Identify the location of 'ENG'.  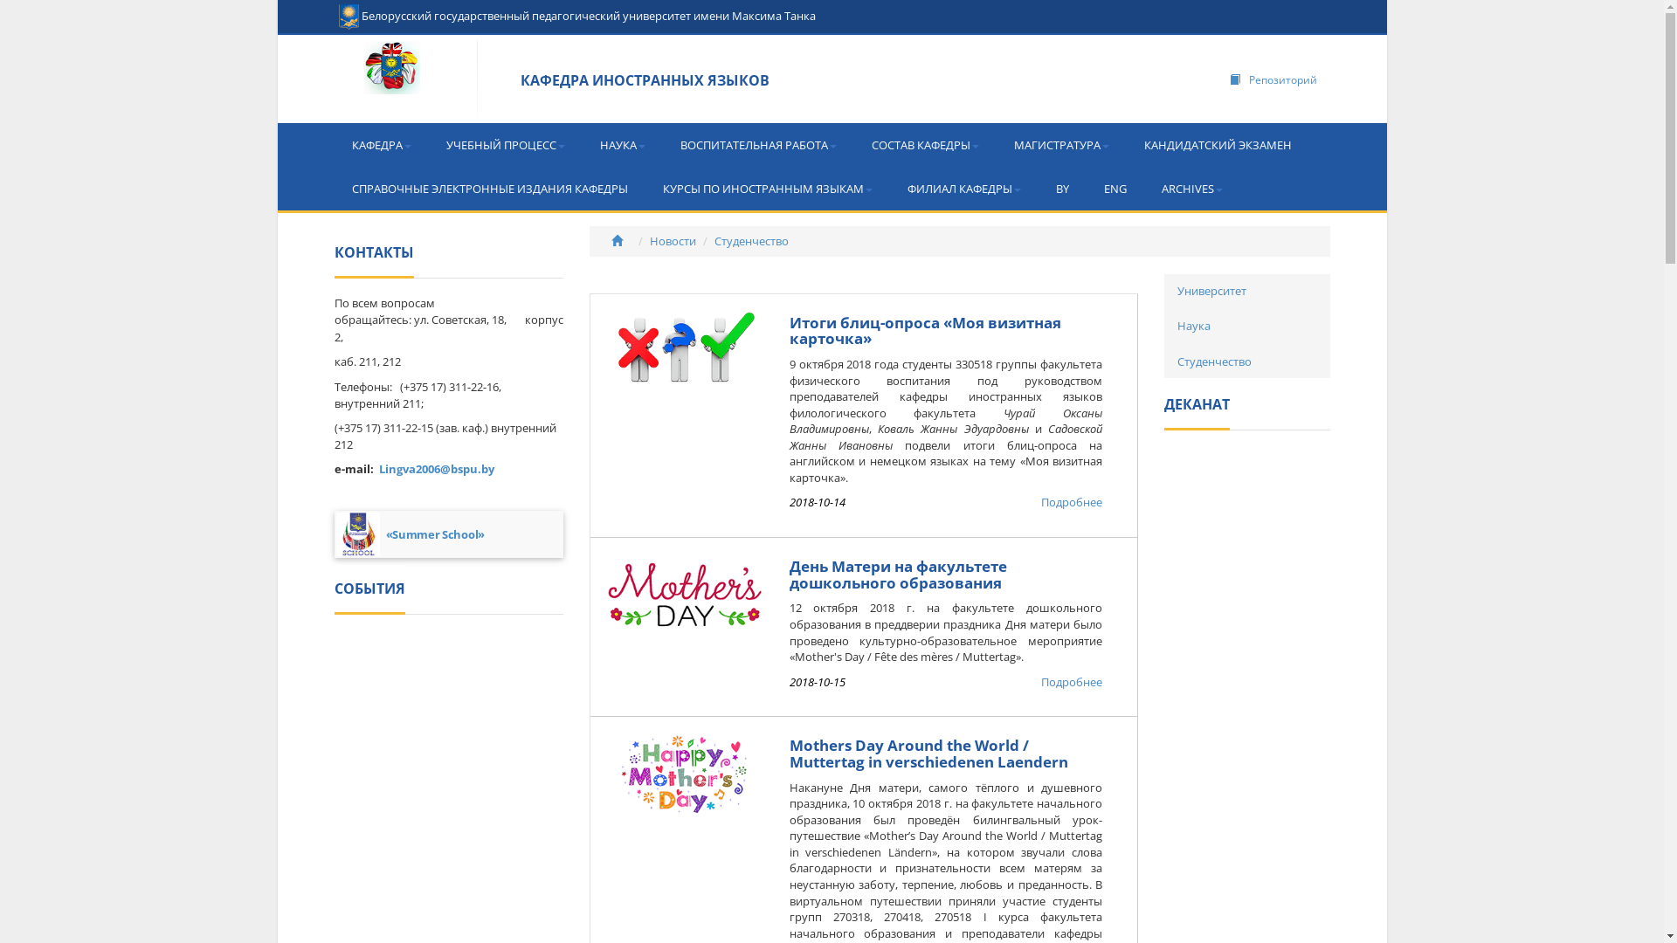
(1114, 189).